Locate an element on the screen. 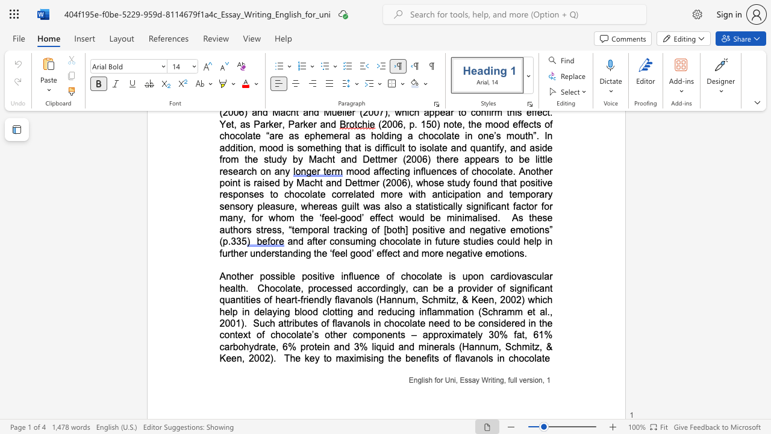 This screenshot has height=434, width=771. the subset text "sion," within the text "English for Uni, Essay Writing, full version," is located at coordinates (529, 380).